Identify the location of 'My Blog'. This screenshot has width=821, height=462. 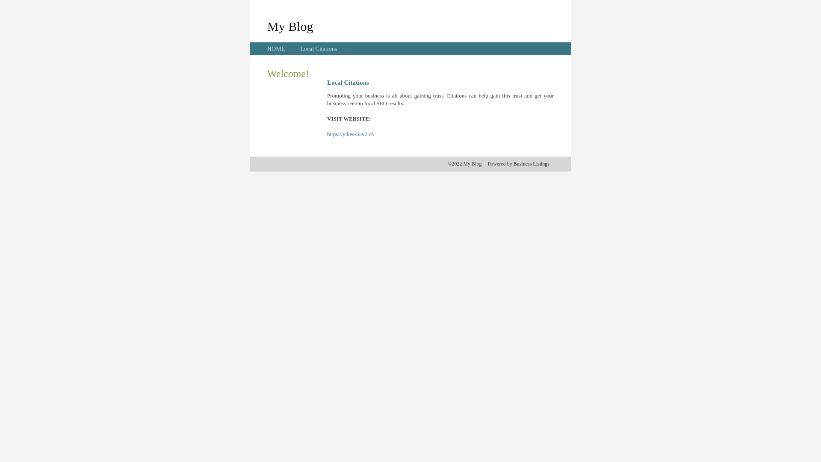
(266, 26).